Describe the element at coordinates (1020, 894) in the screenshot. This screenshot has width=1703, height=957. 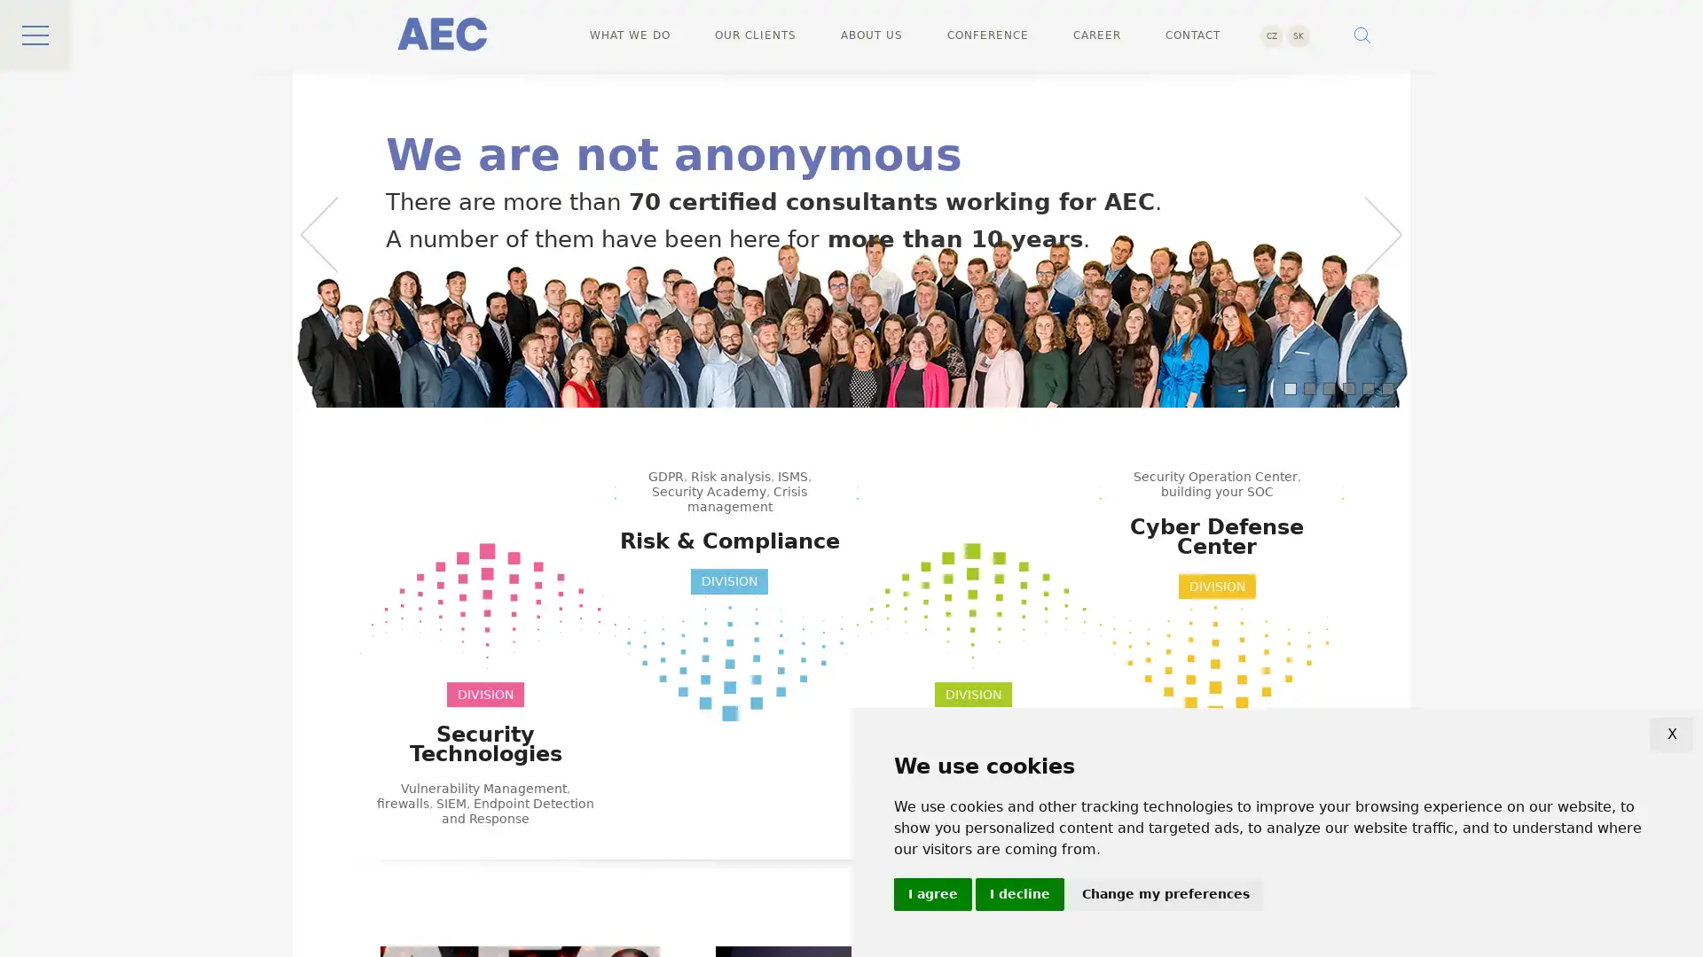
I see `I decline` at that location.